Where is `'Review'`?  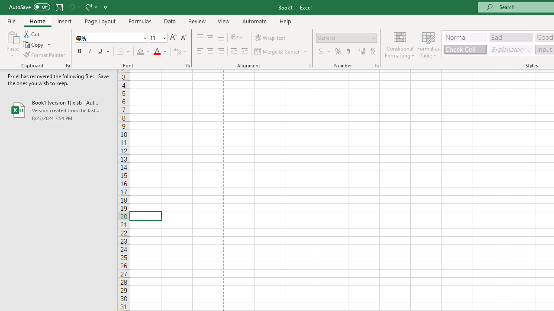
'Review' is located at coordinates (196, 21).